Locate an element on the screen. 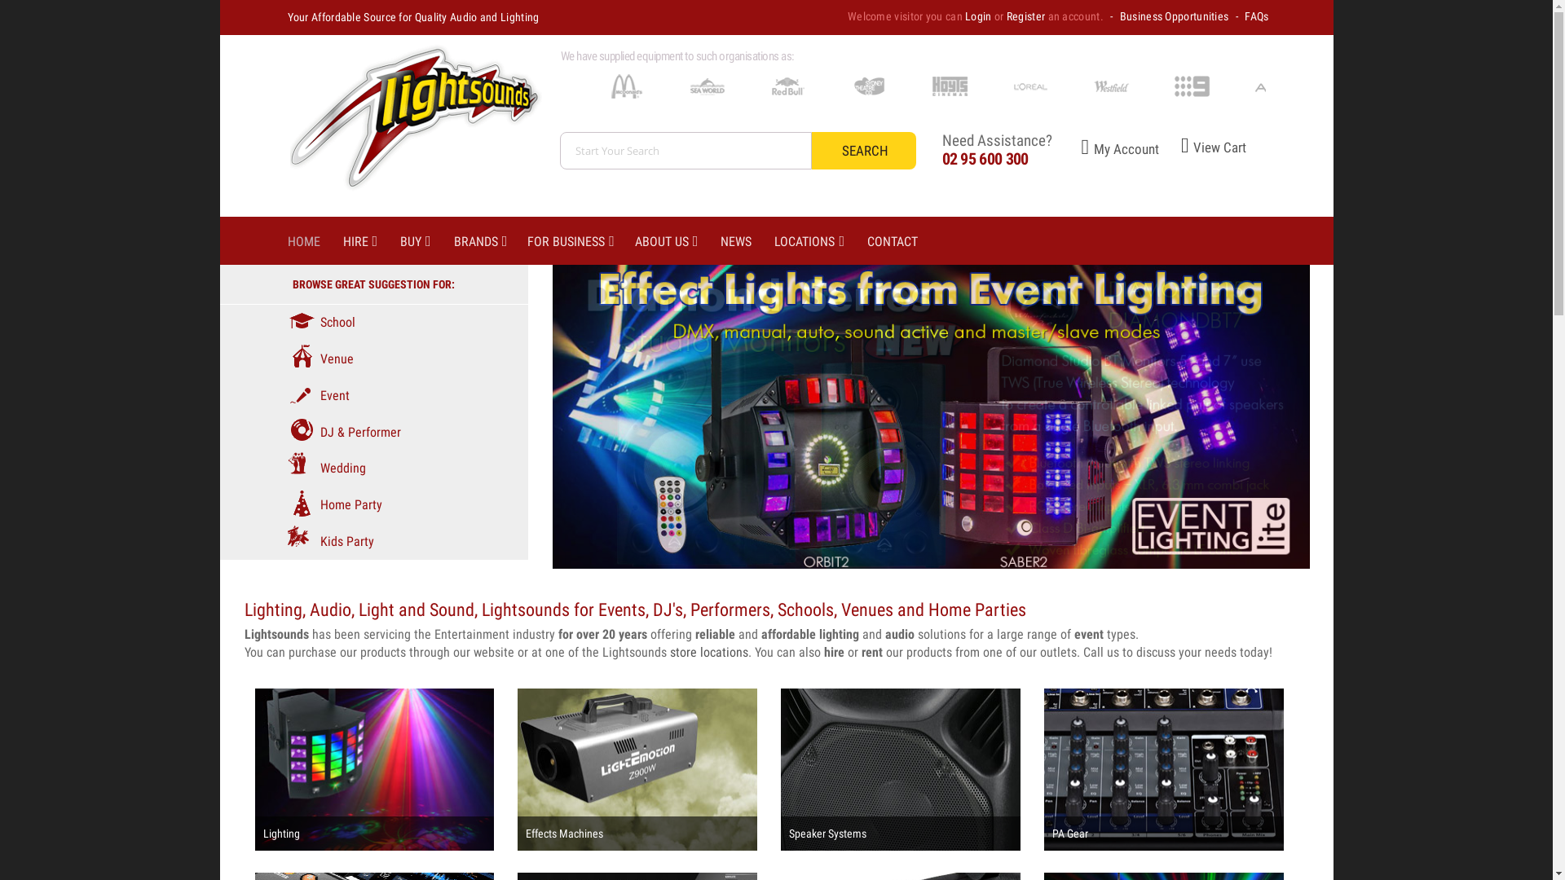 This screenshot has width=1565, height=880. 'Kids Party' is located at coordinates (328, 541).